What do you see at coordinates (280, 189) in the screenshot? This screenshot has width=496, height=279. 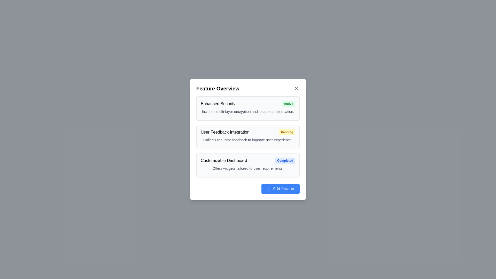 I see `the button located at the bottom-right corner of the 'Feature Overview' modal` at bounding box center [280, 189].